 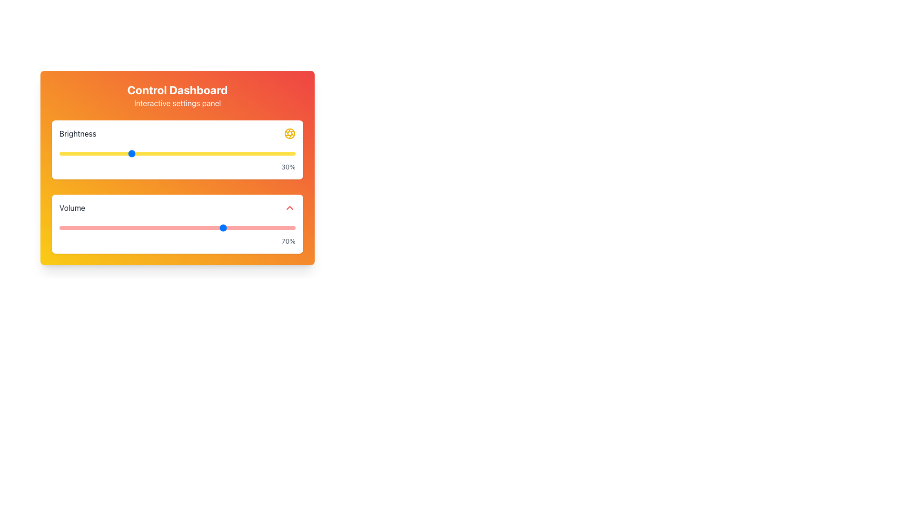 I want to click on the volume, so click(x=248, y=227).